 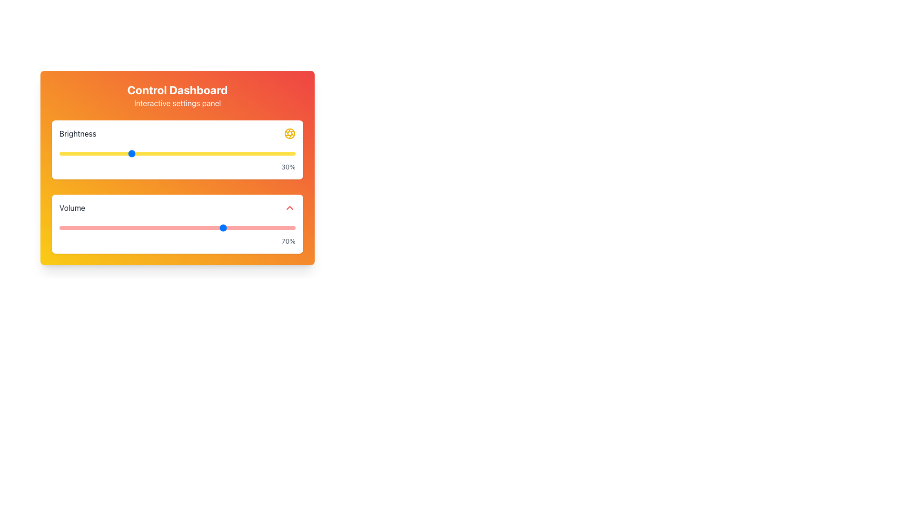 I want to click on the volume, so click(x=248, y=227).